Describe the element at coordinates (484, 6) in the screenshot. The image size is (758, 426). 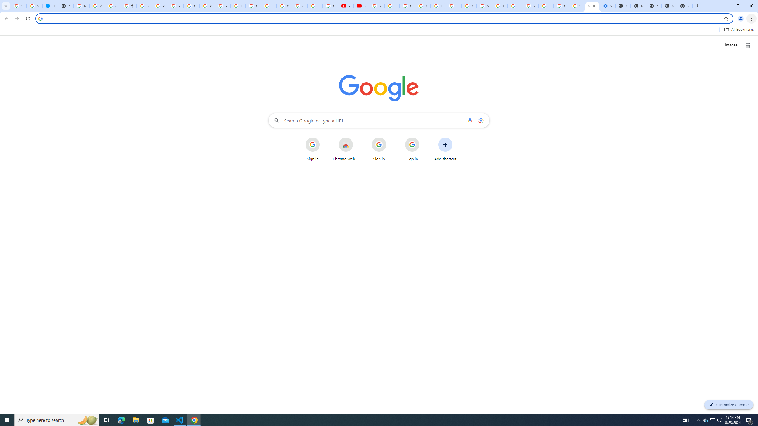
I see `'Search our Doodle Library Collection - Google Doodles'` at that location.